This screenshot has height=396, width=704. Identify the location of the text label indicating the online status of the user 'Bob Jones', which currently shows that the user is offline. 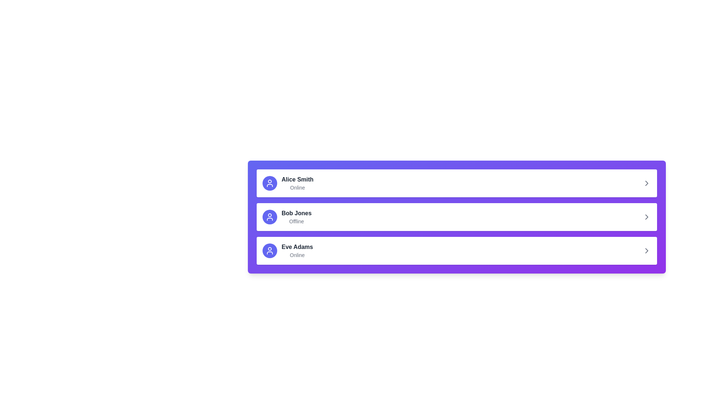
(296, 221).